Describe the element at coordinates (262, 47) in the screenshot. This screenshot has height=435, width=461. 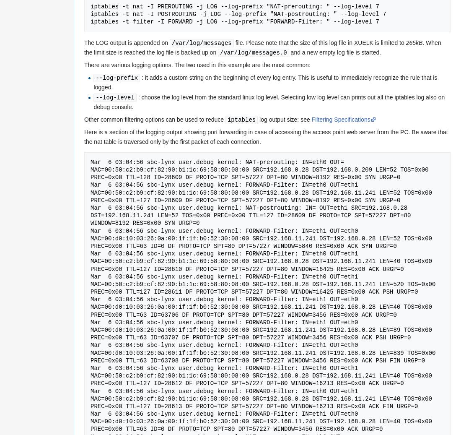
I see `'. When the limit size is reached the log file is backed up on'` at that location.